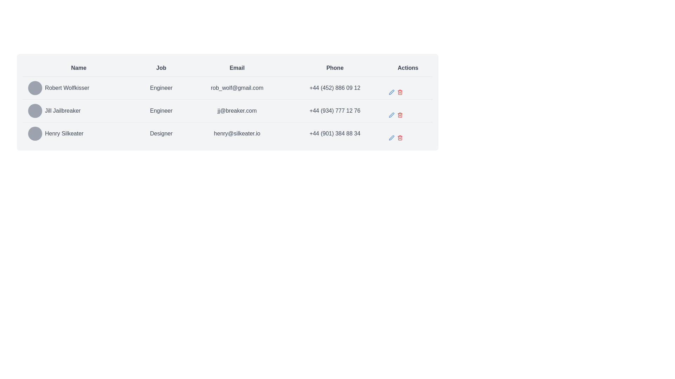 This screenshot has width=675, height=379. What do you see at coordinates (35, 111) in the screenshot?
I see `the circular Avatar placeholder for 'Jill Jailbreaker', which is located at the far left of the corresponding row in the table structure` at bounding box center [35, 111].